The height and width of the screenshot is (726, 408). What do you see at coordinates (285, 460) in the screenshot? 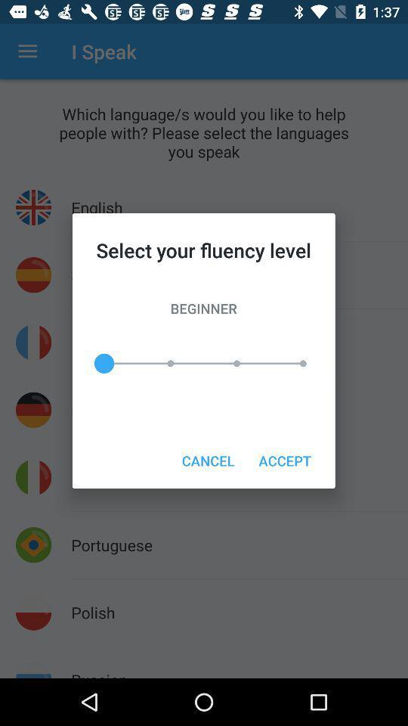
I see `the item next to the cancel item` at bounding box center [285, 460].